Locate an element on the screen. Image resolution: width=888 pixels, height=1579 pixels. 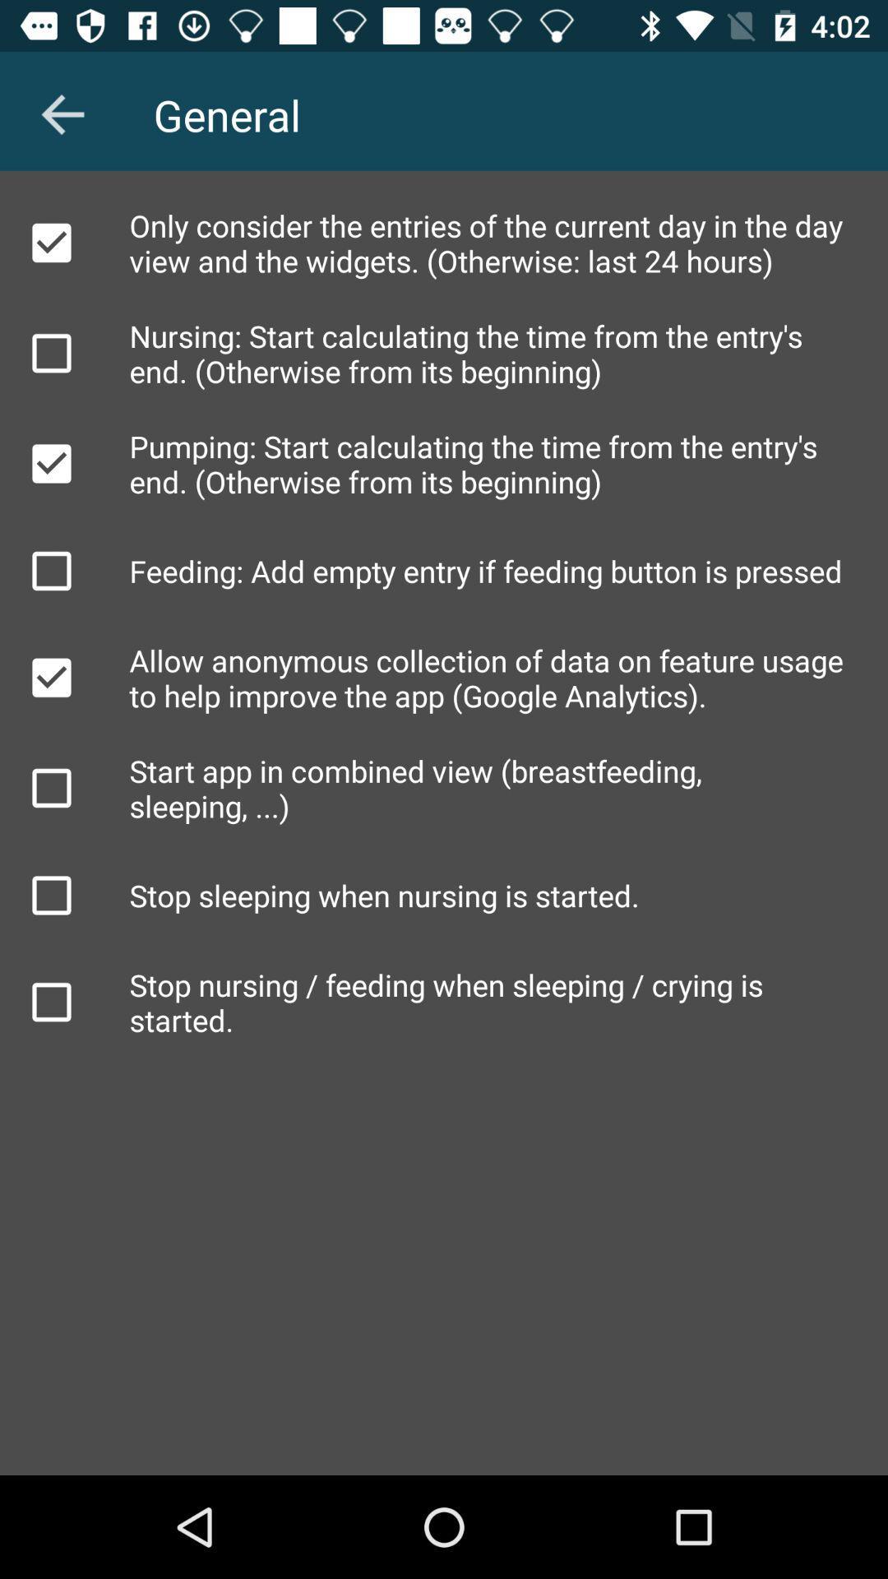
nursing results is located at coordinates (50, 352).